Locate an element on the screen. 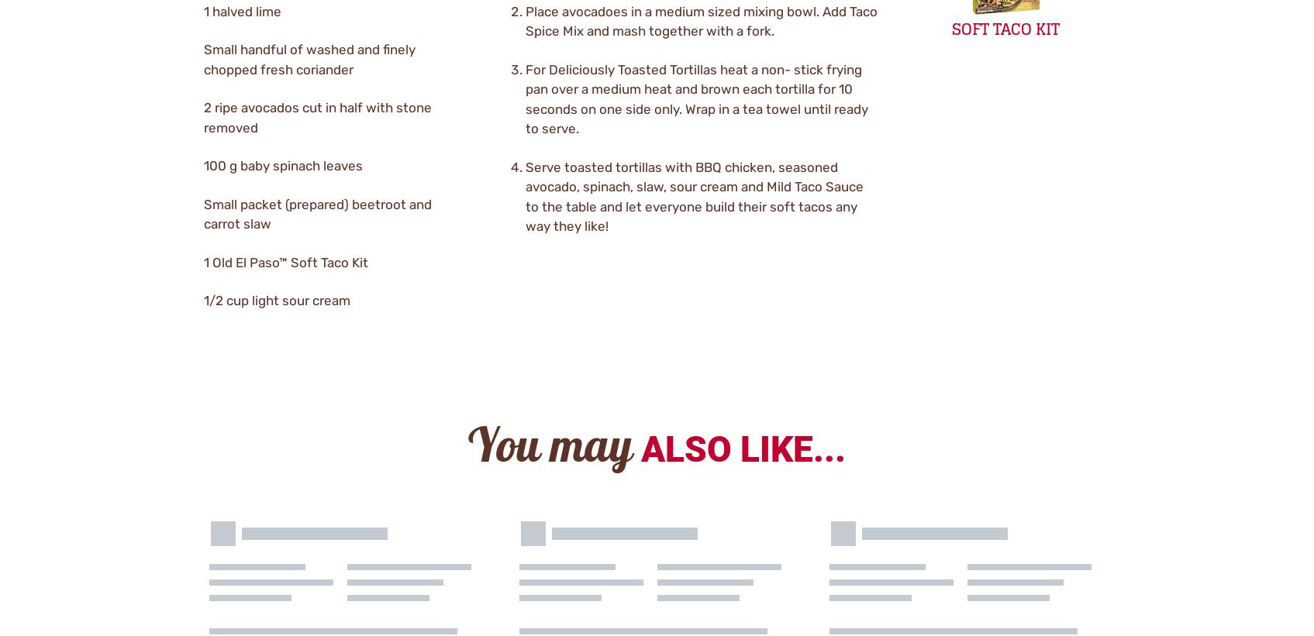 This screenshot has height=636, width=1314. 'Small handful of washed and finely chopped fresh coriander' is located at coordinates (203, 59).